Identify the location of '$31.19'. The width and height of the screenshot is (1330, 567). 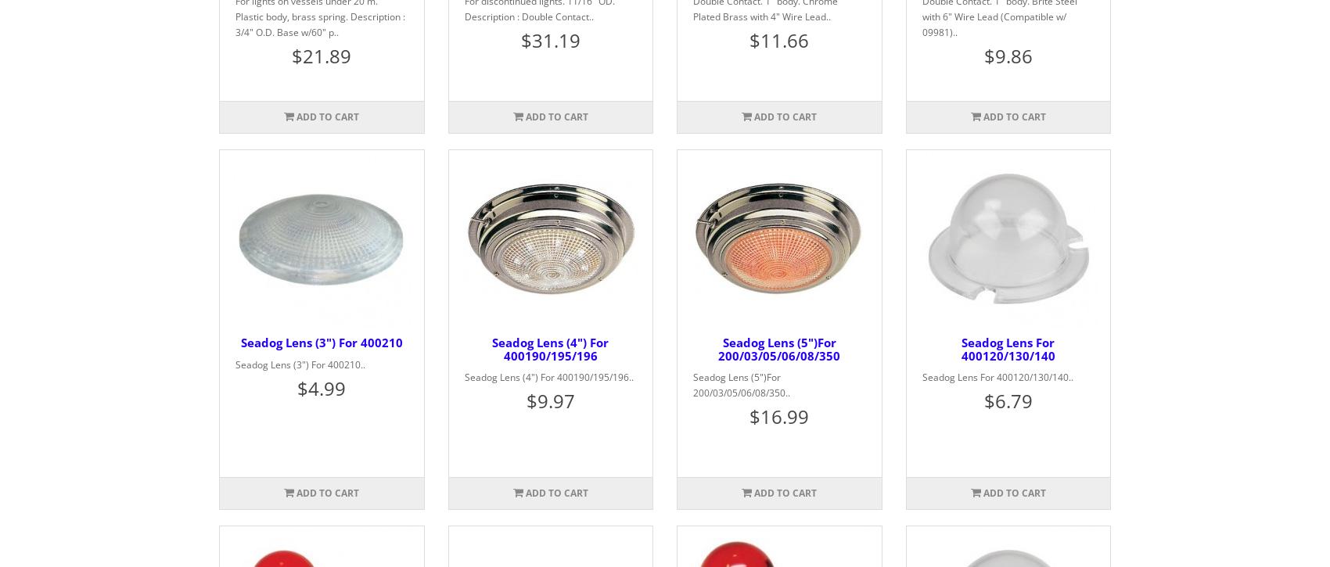
(520, 40).